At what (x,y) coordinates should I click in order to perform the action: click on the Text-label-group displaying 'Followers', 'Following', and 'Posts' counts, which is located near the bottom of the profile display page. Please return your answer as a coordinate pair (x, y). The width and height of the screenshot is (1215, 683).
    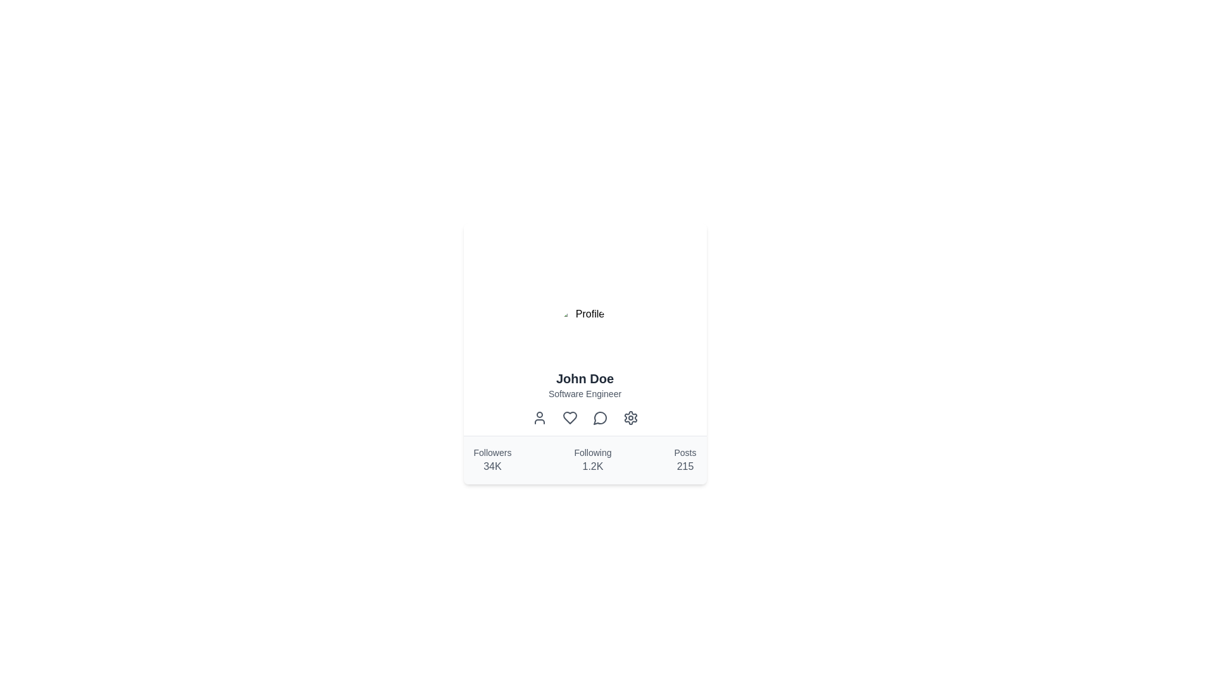
    Looking at the image, I should click on (584, 460).